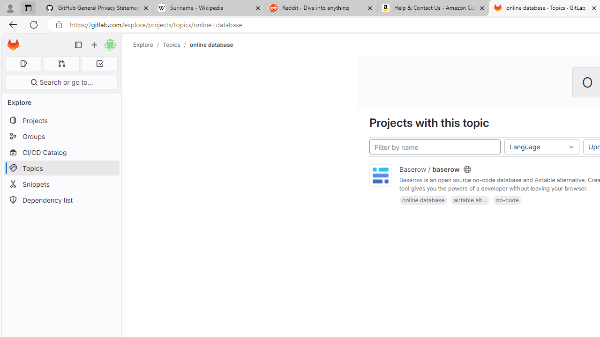 This screenshot has width=600, height=337. Describe the element at coordinates (97, 8) in the screenshot. I see `'GitHub General Privacy Statement - GitHub Docs'` at that location.